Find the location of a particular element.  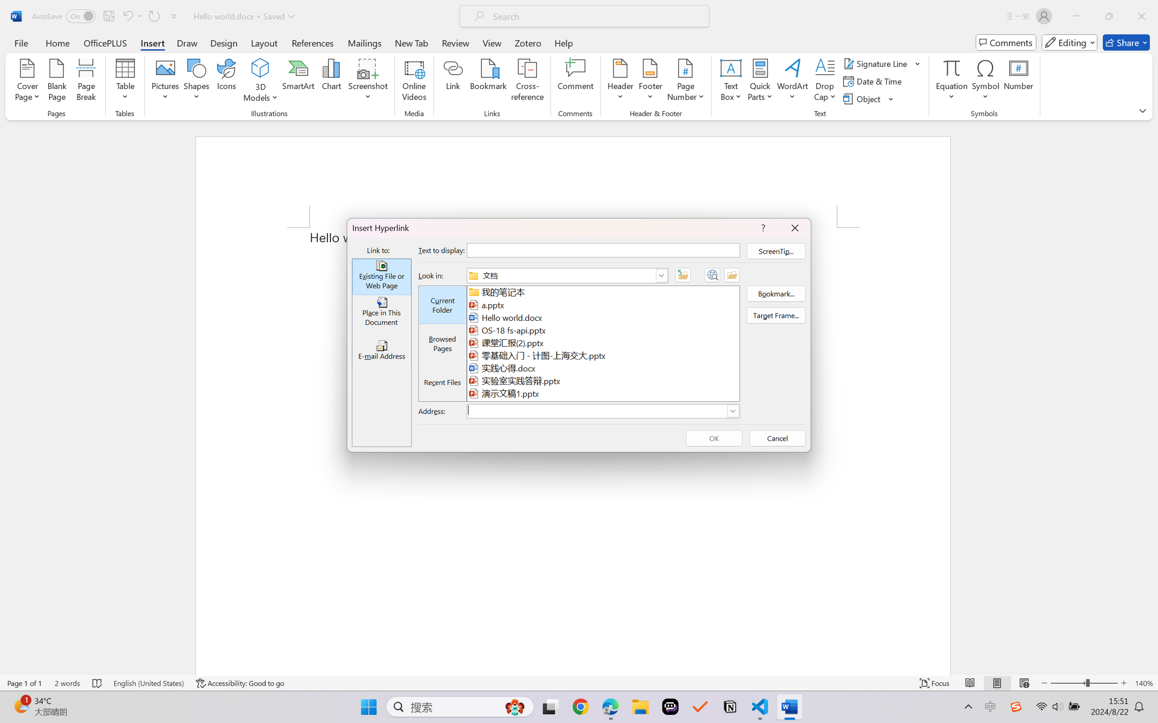

'Browsed Pages' is located at coordinates (443, 343).